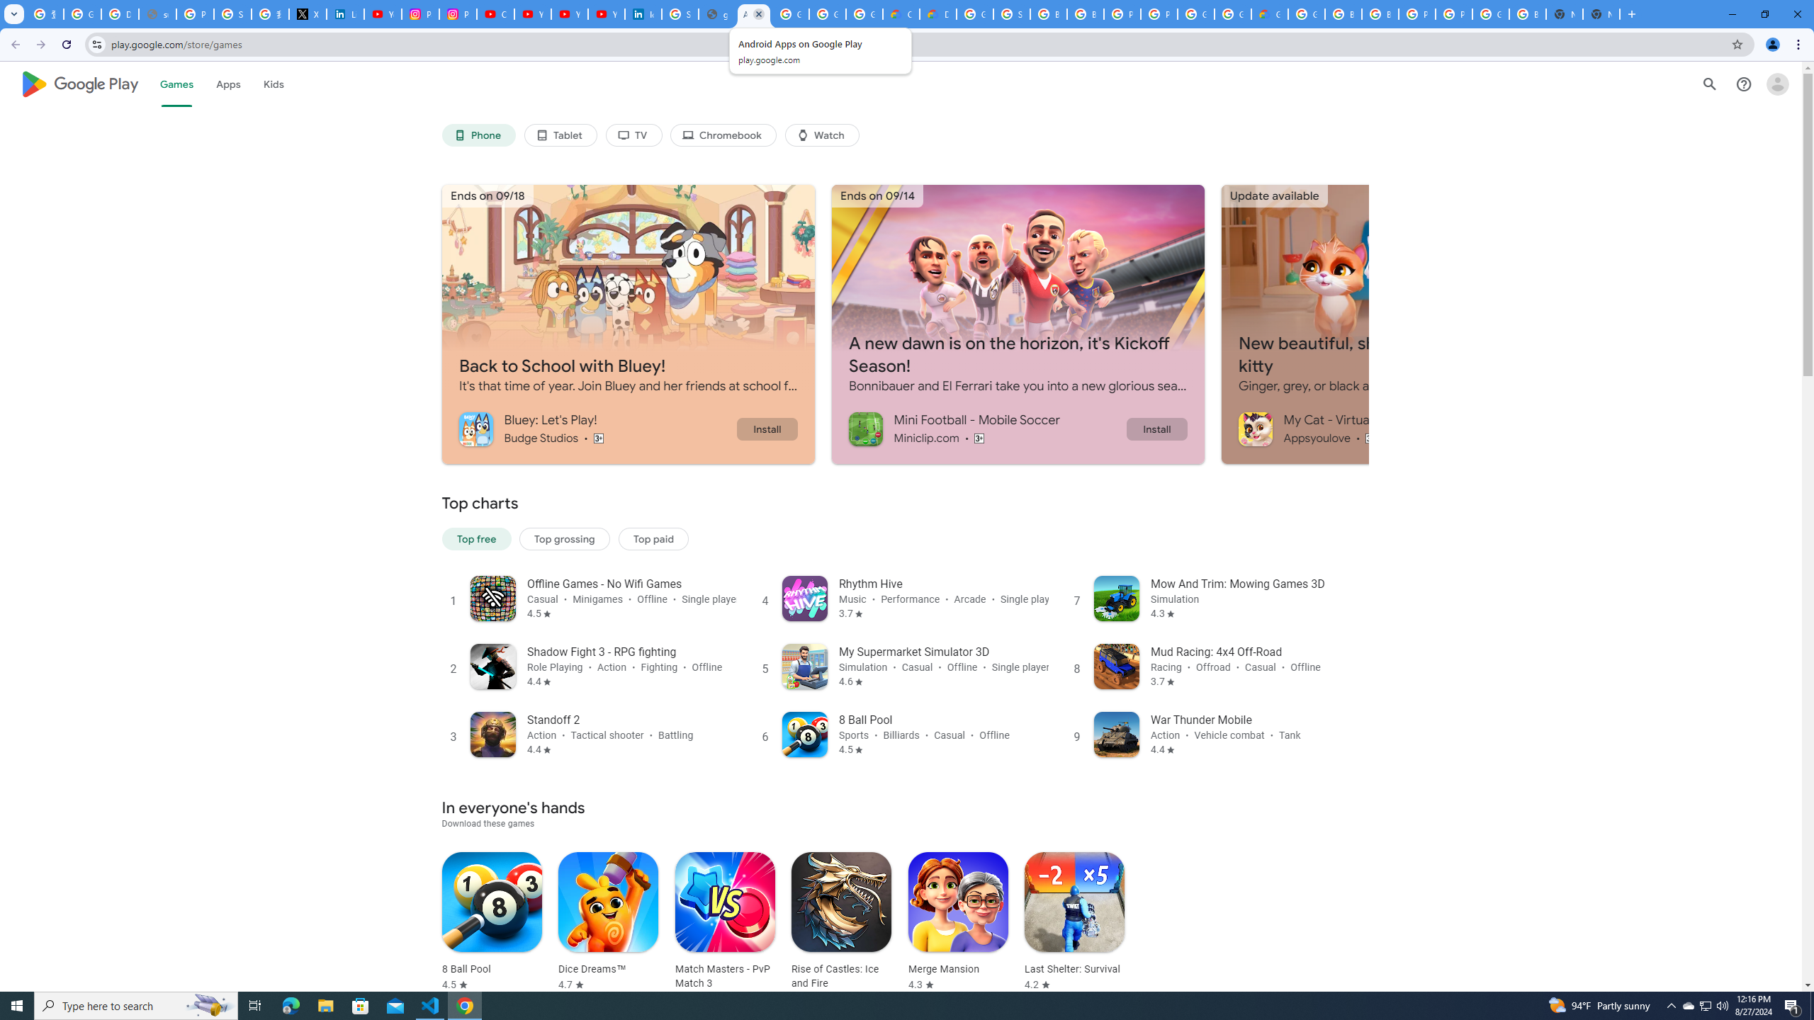  Describe the element at coordinates (569, 13) in the screenshot. I see `'YouTube Culture & Trends - YouTube Top 10, 2021'` at that location.